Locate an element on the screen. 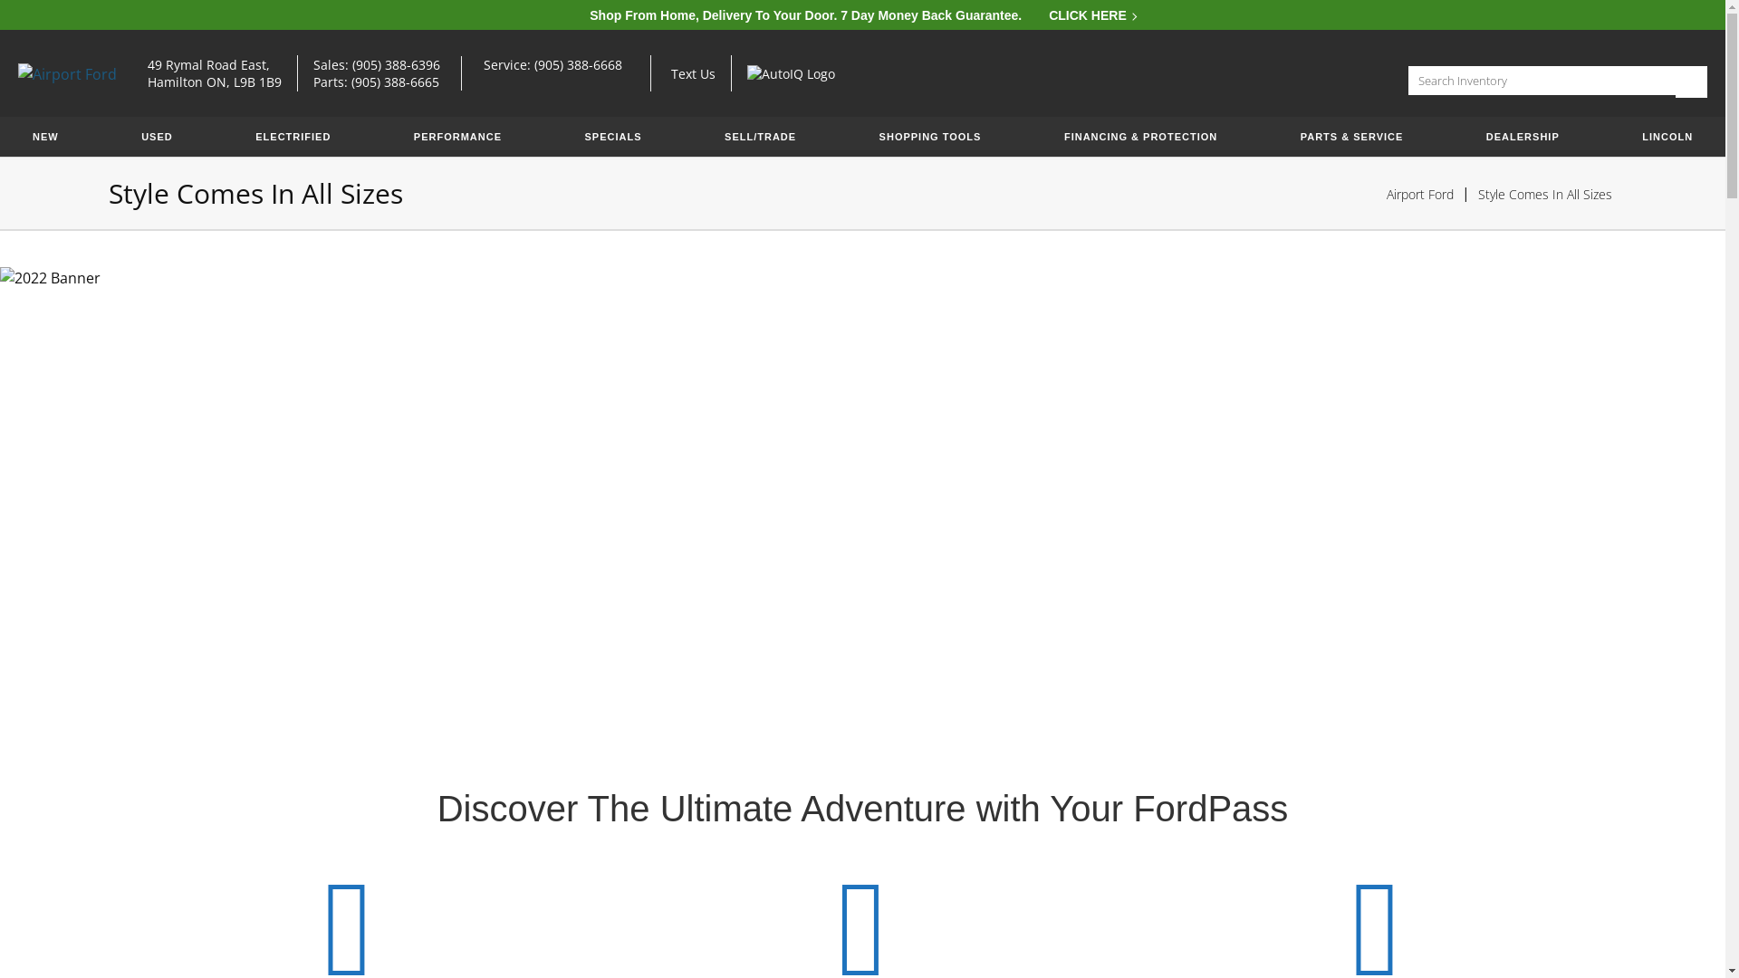 The image size is (1739, 978). '49 Rymal Road East, is located at coordinates (214, 72).